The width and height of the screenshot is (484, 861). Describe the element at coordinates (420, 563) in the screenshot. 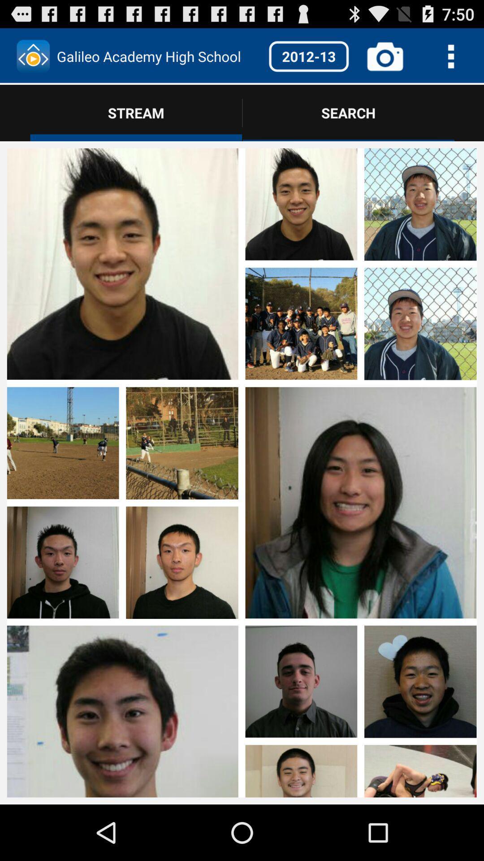

I see `enlarge photo` at that location.